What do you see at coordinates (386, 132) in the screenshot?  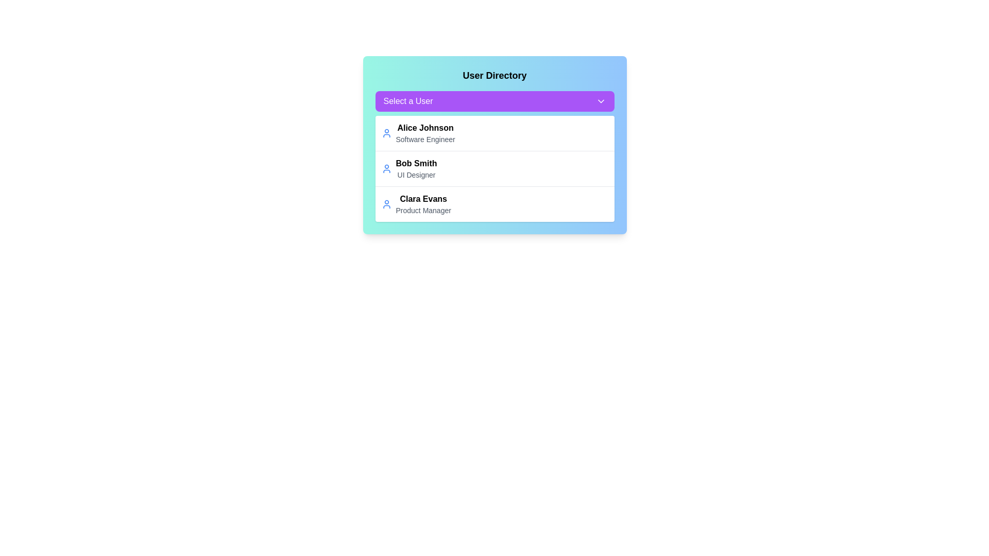 I see `the user icon representing 'Alice Johnson' located in the user directory section, positioned to the left of the text 'Alice Johnson Software Engineer'` at bounding box center [386, 132].